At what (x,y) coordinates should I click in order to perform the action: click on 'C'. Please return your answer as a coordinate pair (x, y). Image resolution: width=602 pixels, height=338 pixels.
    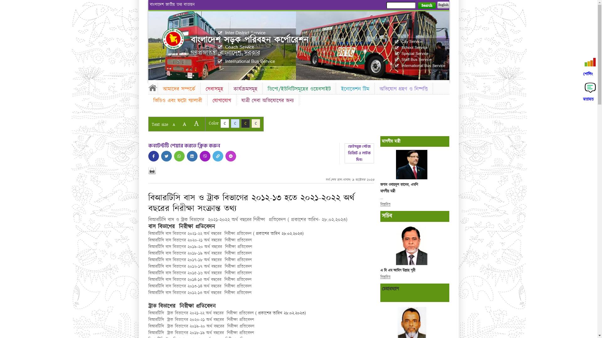
    Looking at the image, I should click on (256, 123).